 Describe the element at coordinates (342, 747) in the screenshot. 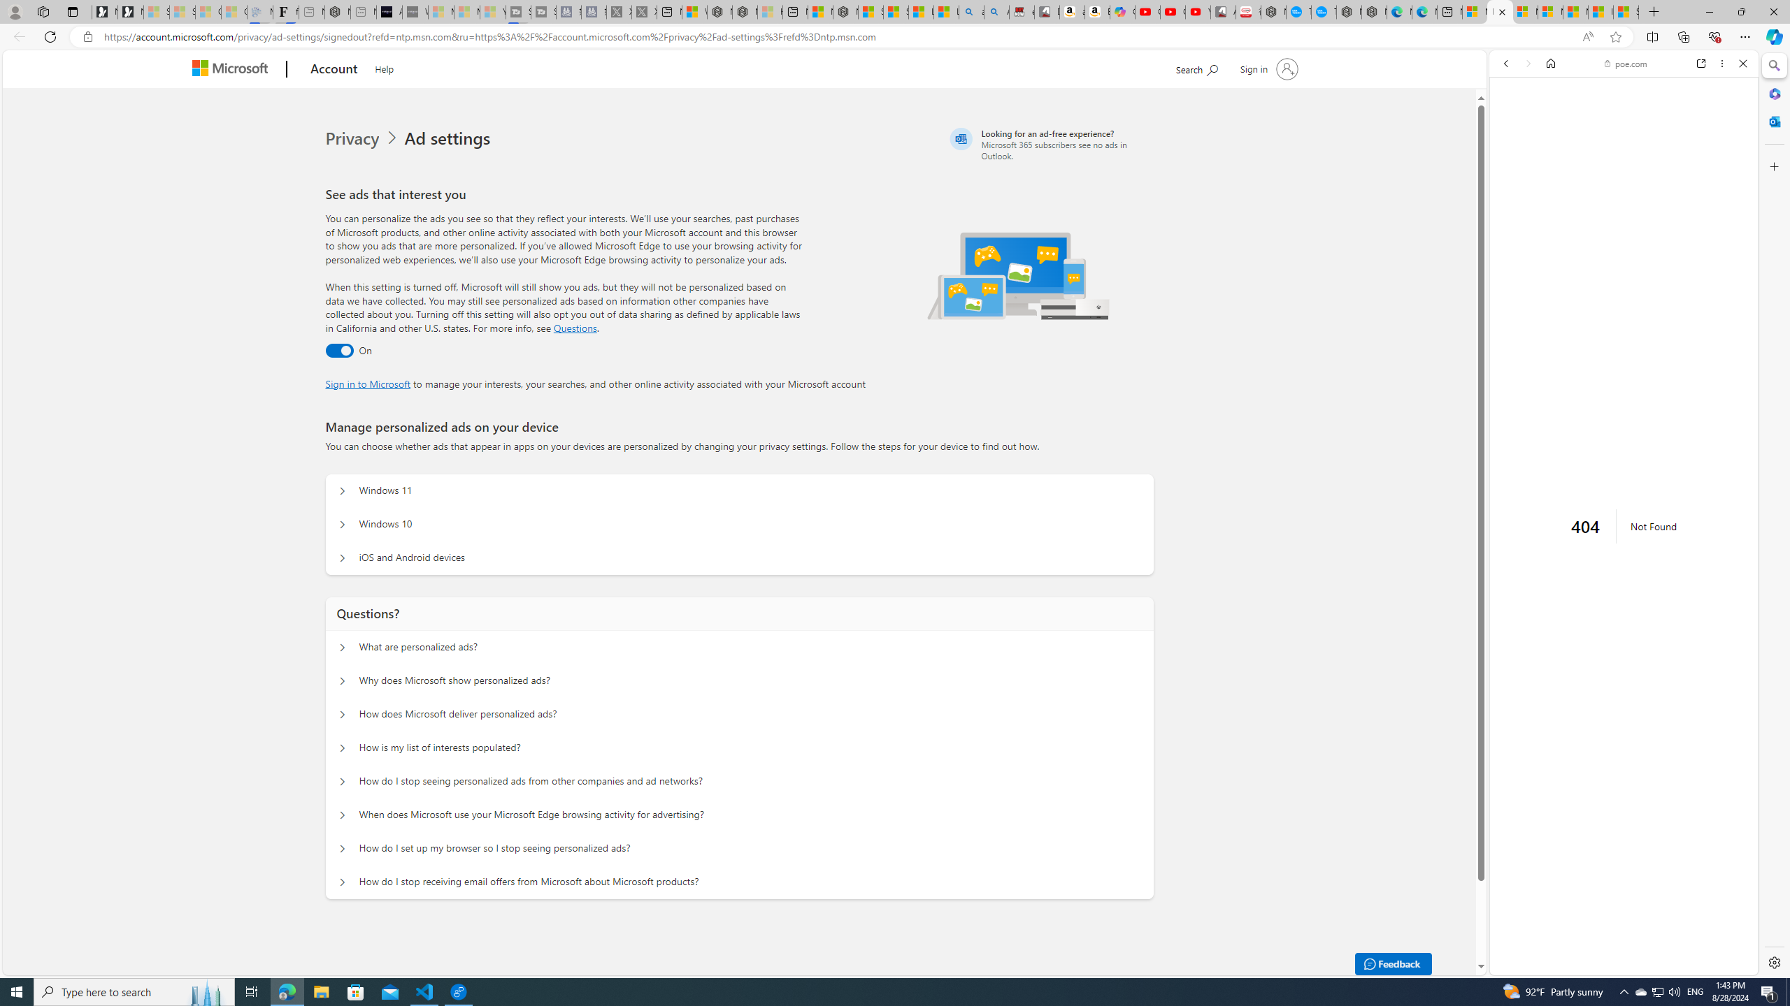

I see `'Questions? How is my list of interests populated?'` at that location.